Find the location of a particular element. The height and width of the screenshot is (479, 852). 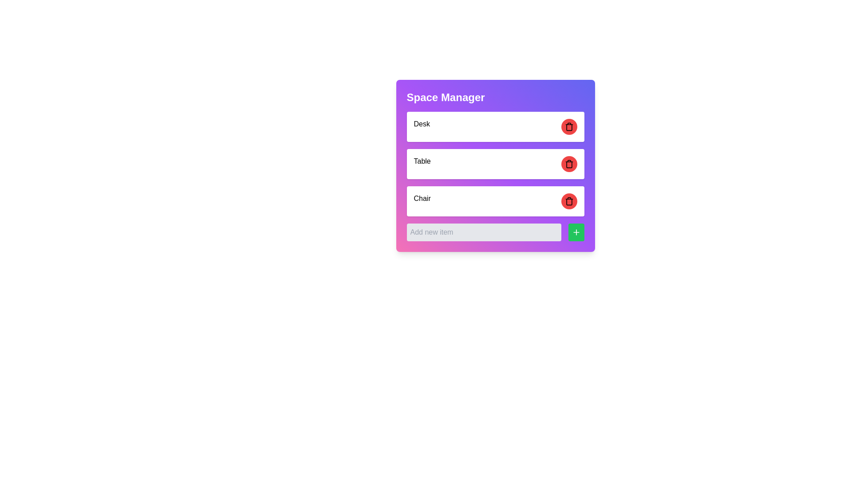

the circular delete button with a red background and a trash can icon located in the second row of the 'Space Manager' interface, specifically to the right side of the row labeled 'Table' is located at coordinates (569, 164).